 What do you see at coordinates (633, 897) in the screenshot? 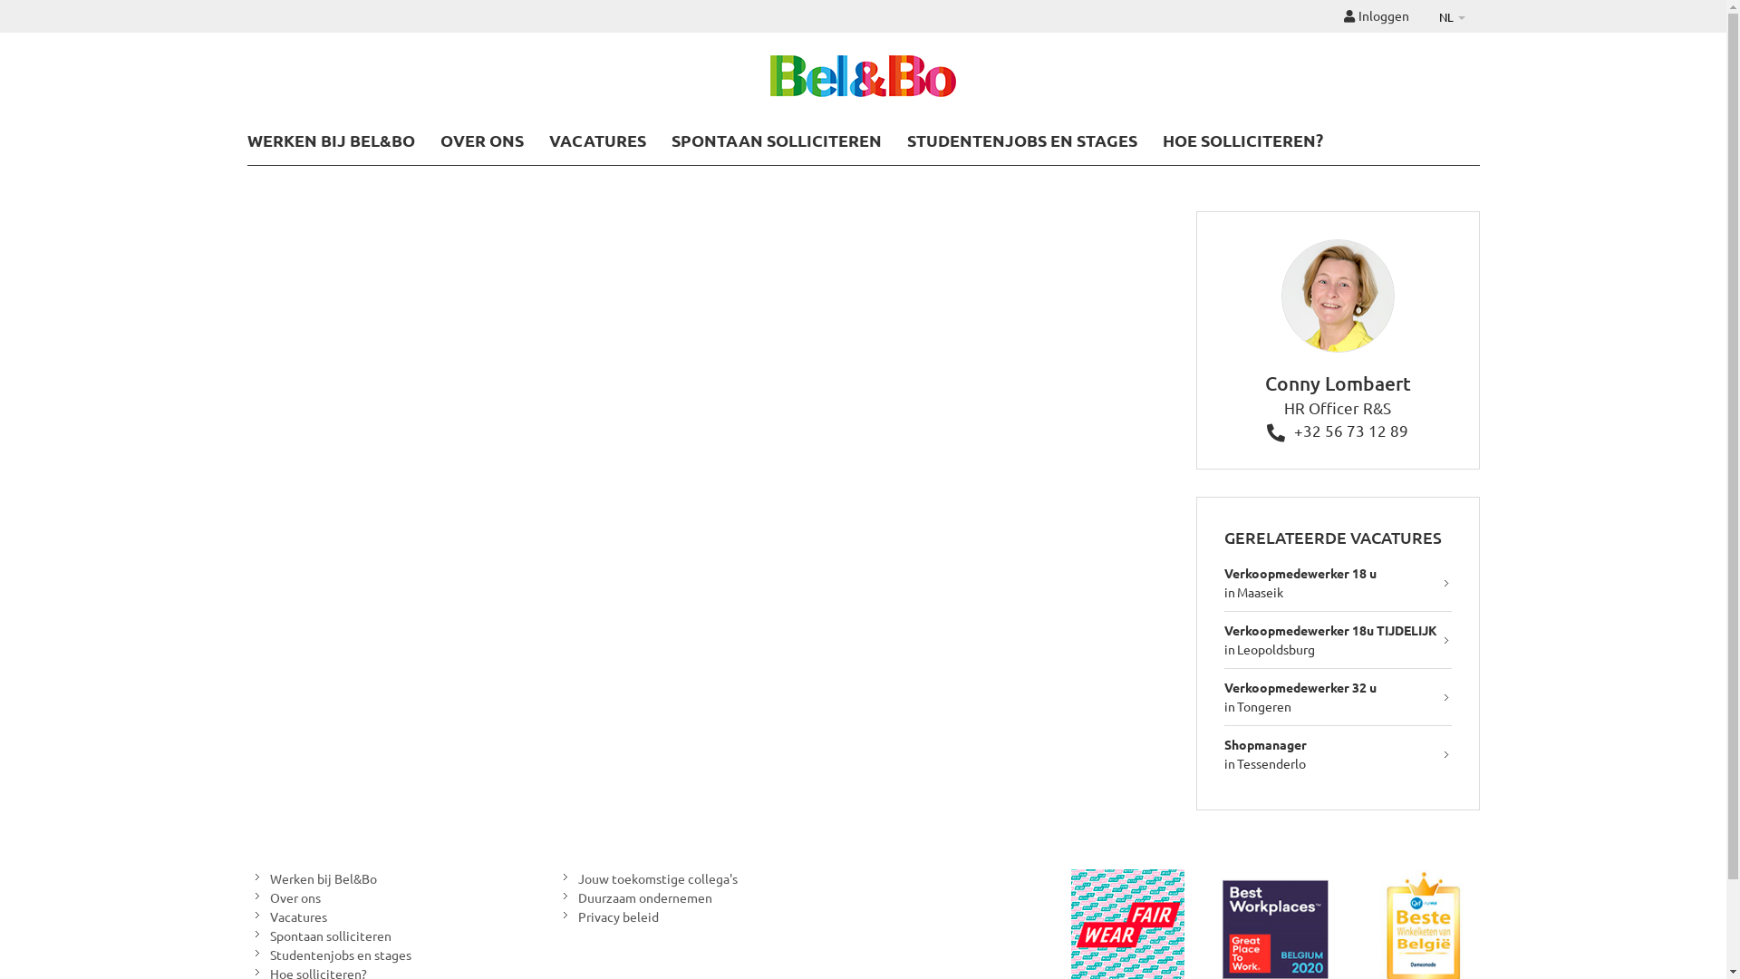
I see `'Duurzaam ondernemen'` at bounding box center [633, 897].